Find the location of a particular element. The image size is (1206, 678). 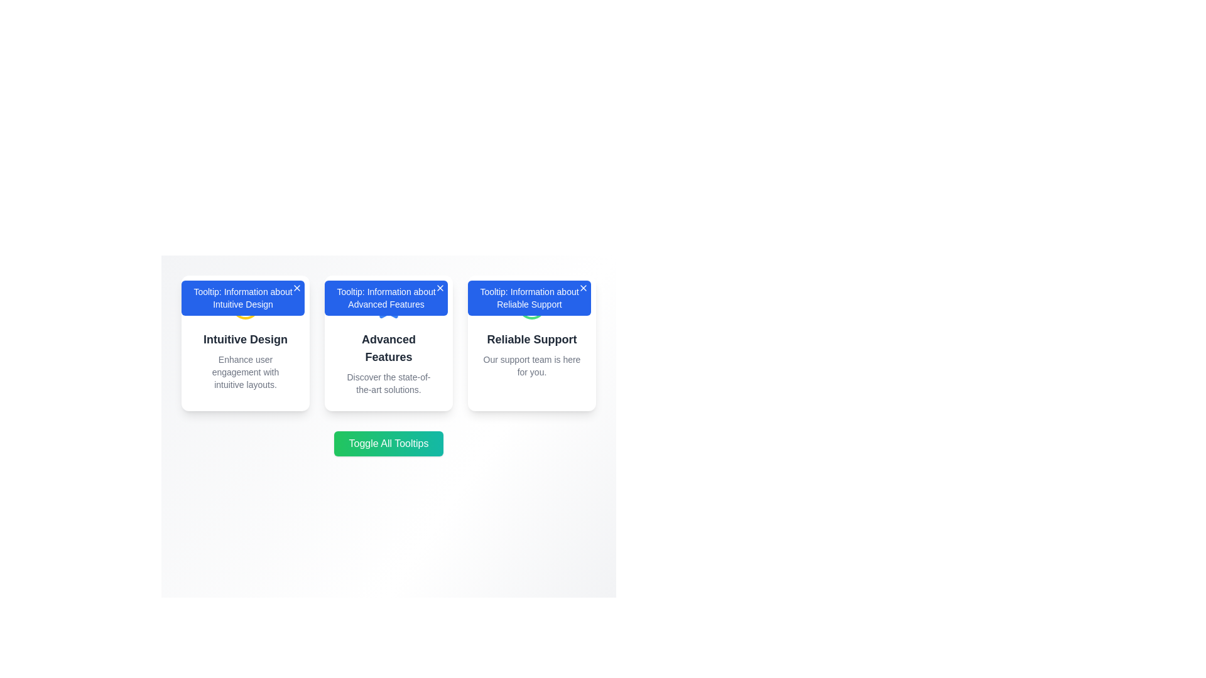

the text label positioned at the bottom of the card beneath the heading 'Intuitive Design' in the three-card panel is located at coordinates (245, 372).